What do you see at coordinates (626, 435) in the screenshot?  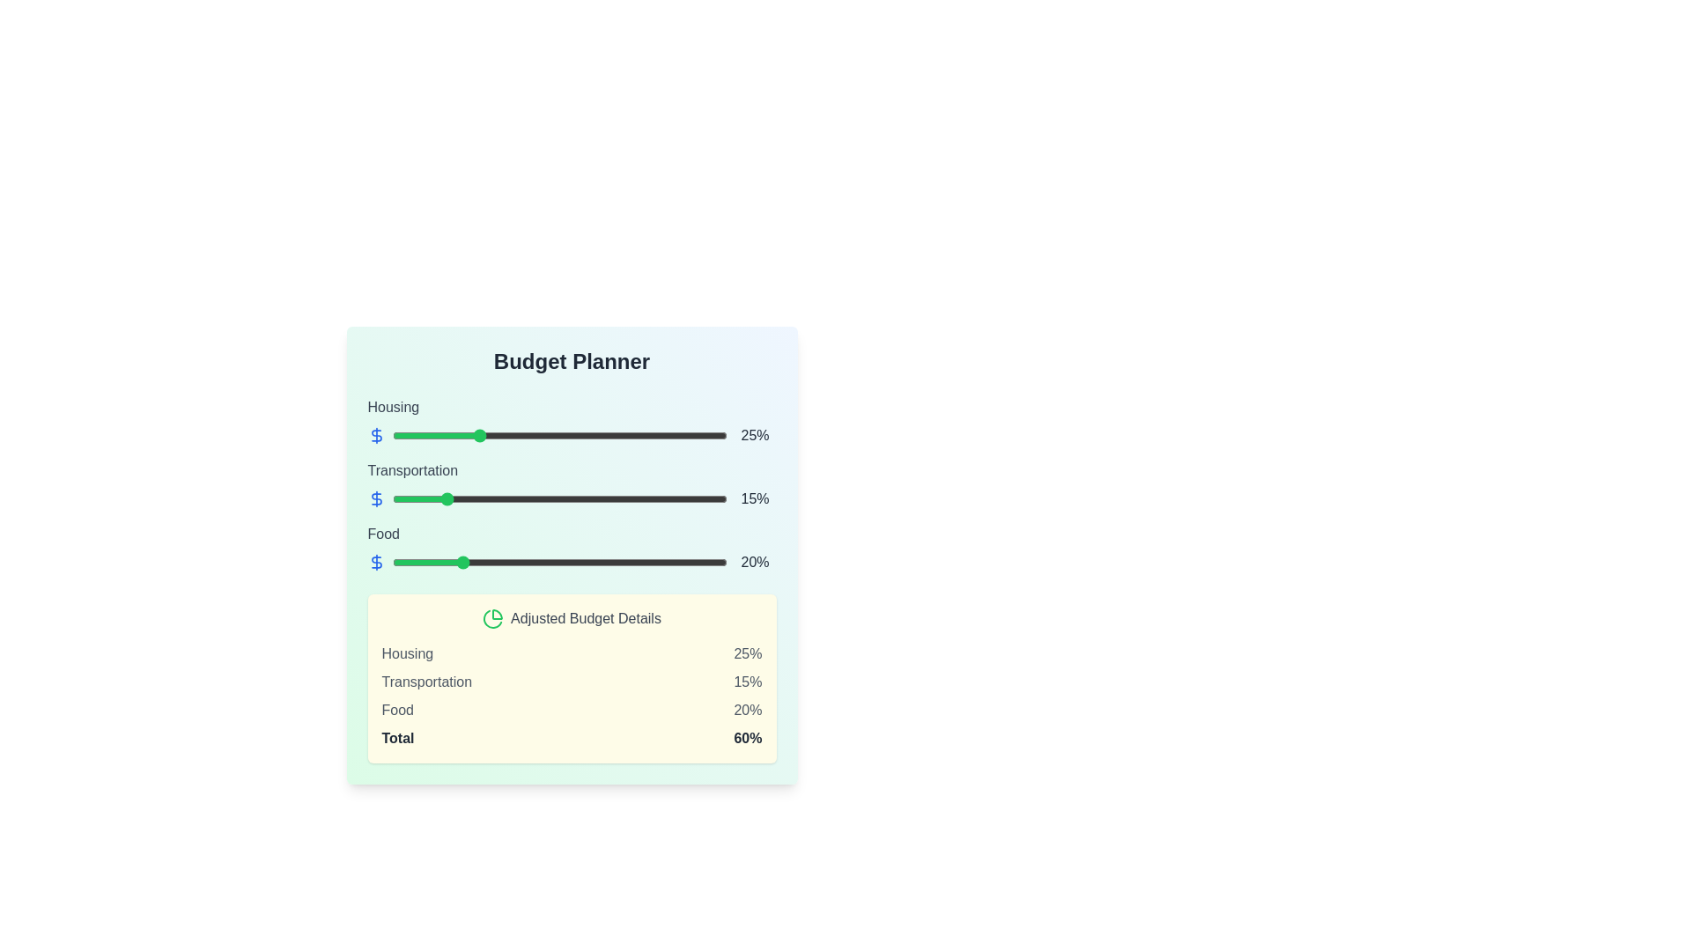 I see `the housing budget percentage` at bounding box center [626, 435].